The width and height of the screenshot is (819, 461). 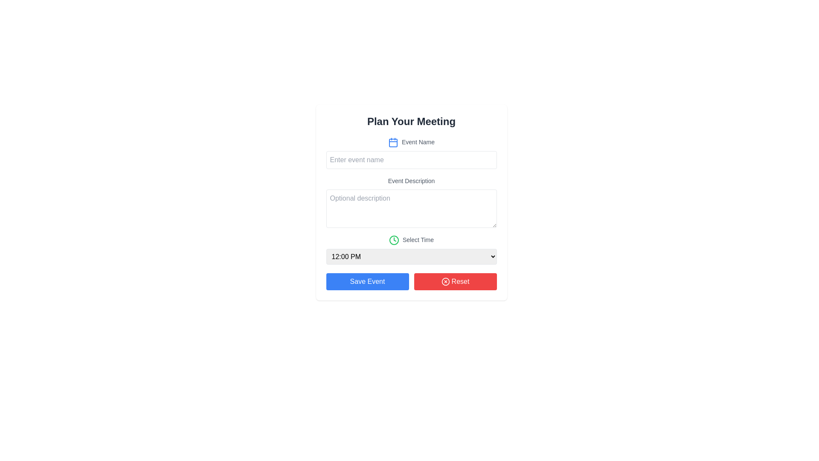 What do you see at coordinates (367, 281) in the screenshot?
I see `the leftmost button that saves the current event configuration, located towards the bottom of the layout` at bounding box center [367, 281].